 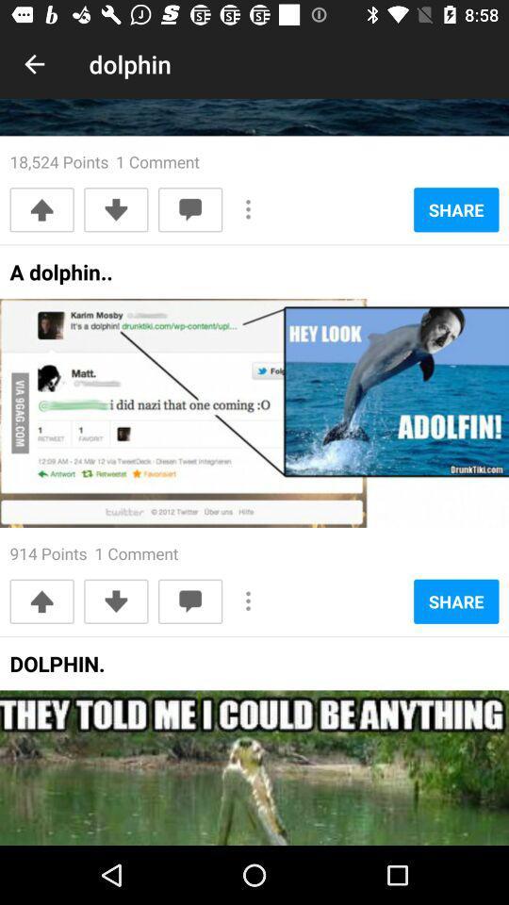 What do you see at coordinates (34, 64) in the screenshot?
I see `the item above the 18 524 points icon` at bounding box center [34, 64].